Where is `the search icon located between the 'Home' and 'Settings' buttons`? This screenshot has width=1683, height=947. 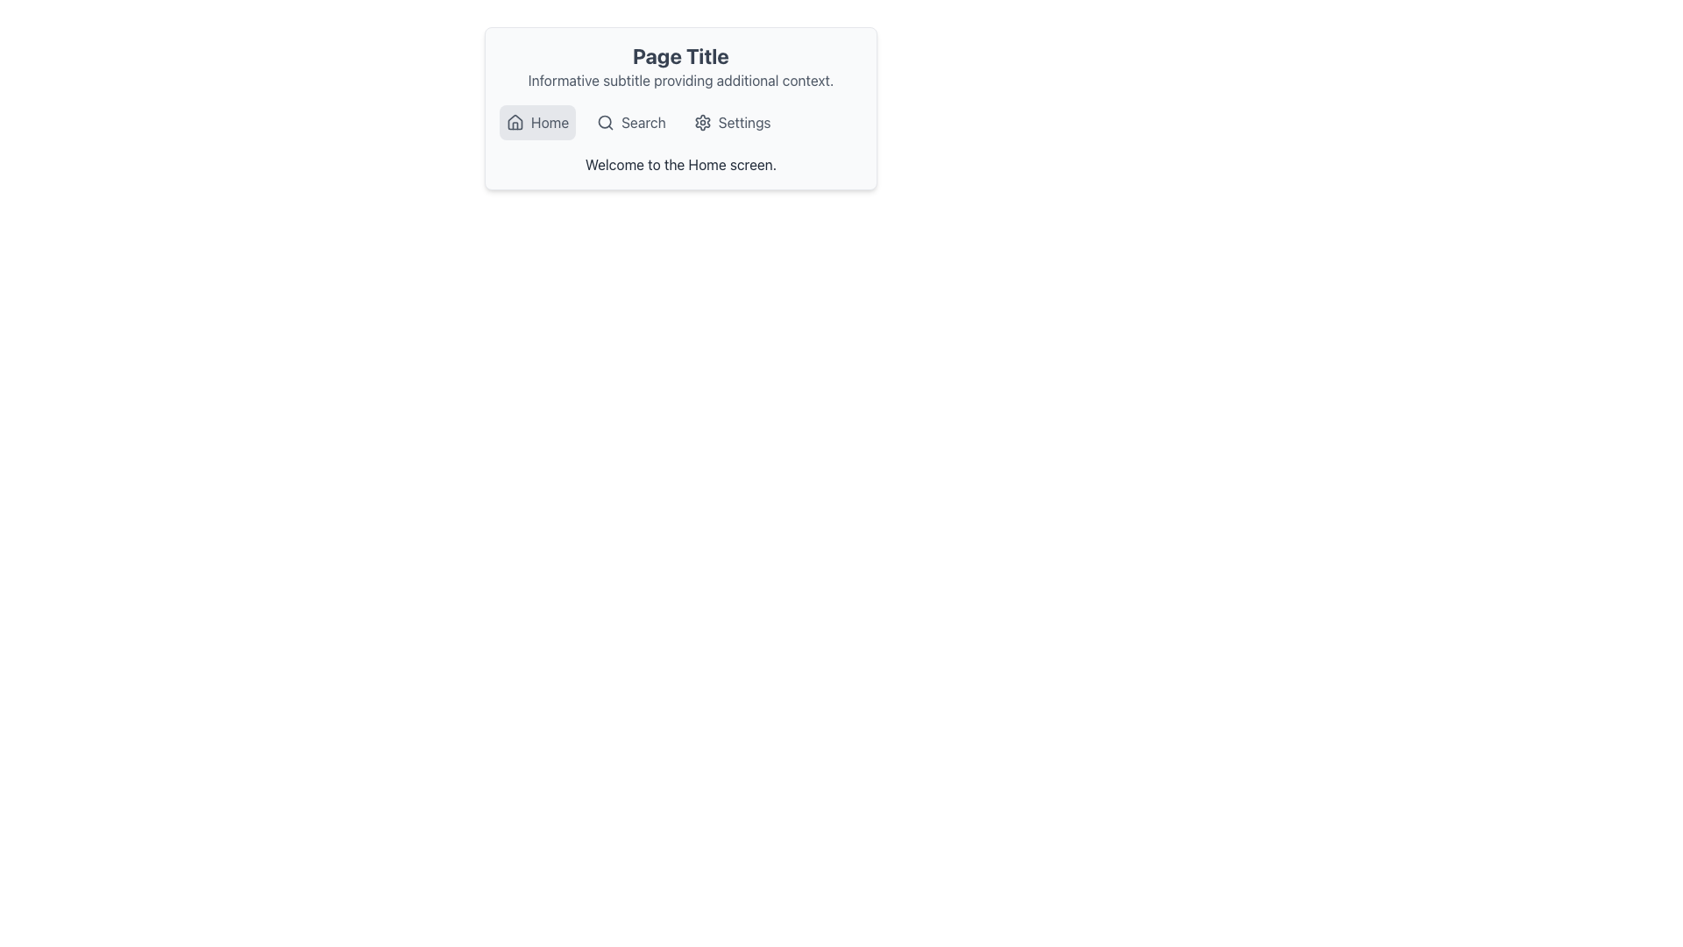
the search icon located between the 'Home' and 'Settings' buttons is located at coordinates (606, 121).